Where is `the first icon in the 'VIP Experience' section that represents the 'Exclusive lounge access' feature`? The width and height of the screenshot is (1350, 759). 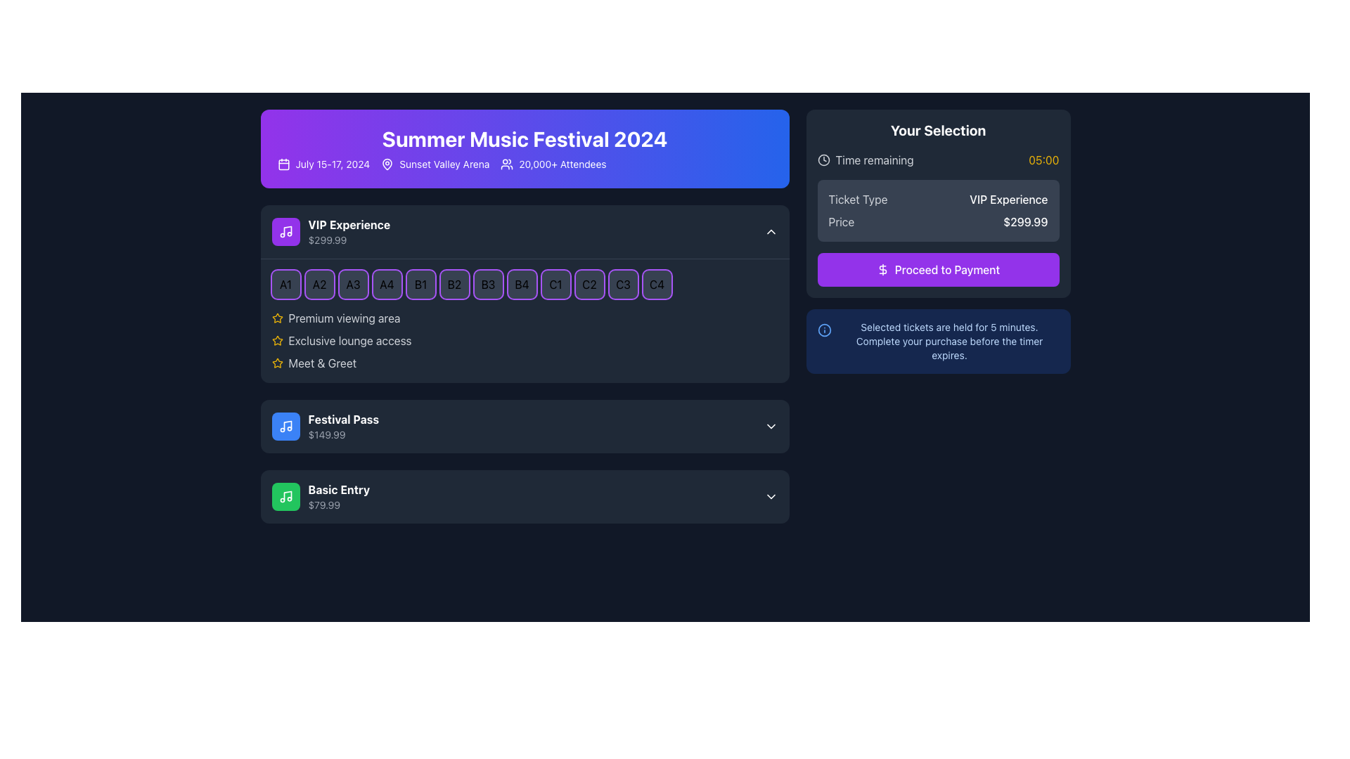 the first icon in the 'VIP Experience' section that represents the 'Exclusive lounge access' feature is located at coordinates (277, 341).